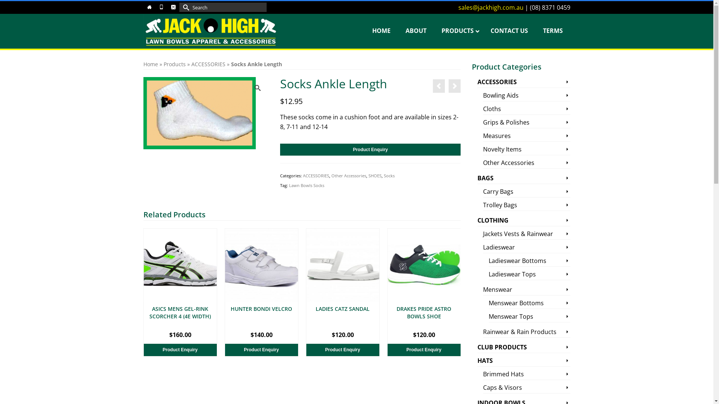  I want to click on 'Grips & Polishes', so click(526, 122).